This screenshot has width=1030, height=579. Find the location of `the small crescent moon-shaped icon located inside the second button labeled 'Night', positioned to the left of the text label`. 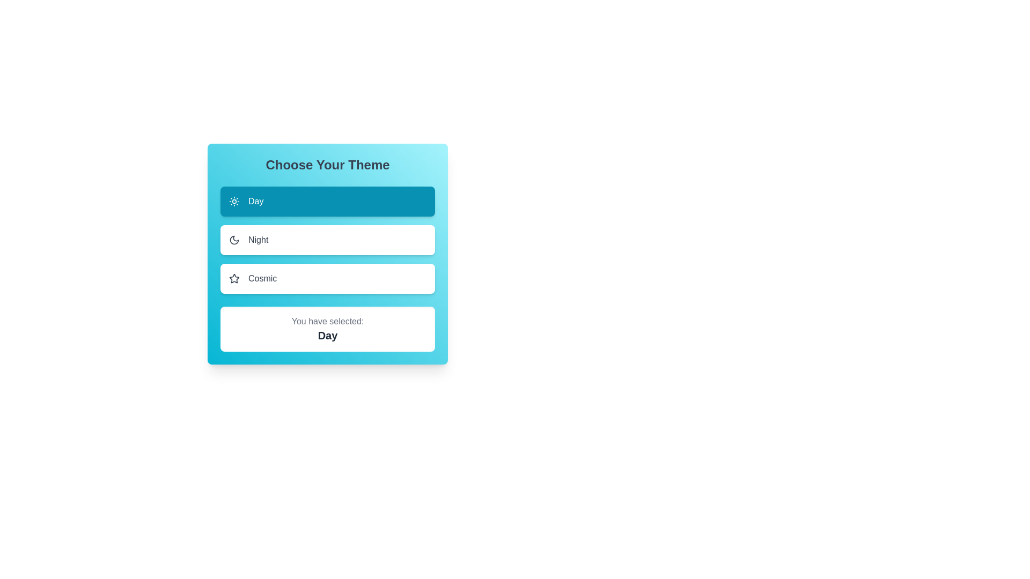

the small crescent moon-shaped icon located inside the second button labeled 'Night', positioned to the left of the text label is located at coordinates (233, 239).